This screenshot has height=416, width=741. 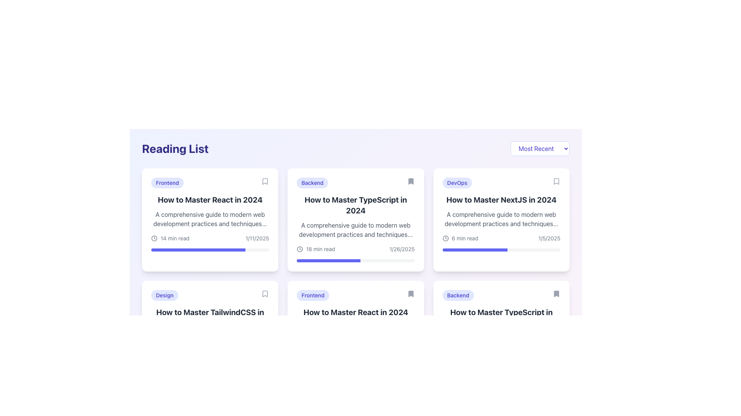 What do you see at coordinates (154, 238) in the screenshot?
I see `the decorative icon that represents the estimated reading time for the card titled 'How to Master React in 2024', located in the bottom-left corner of the card` at bounding box center [154, 238].